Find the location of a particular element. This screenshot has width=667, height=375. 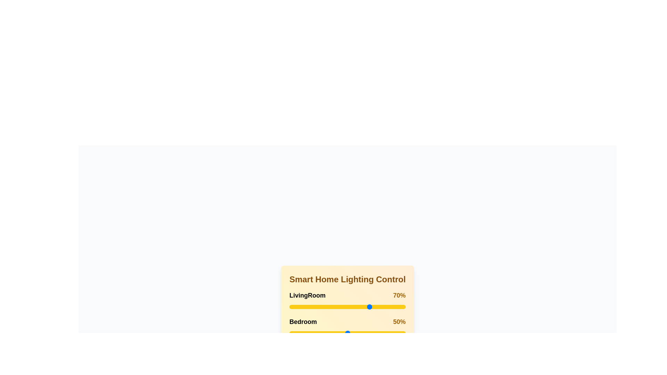

the Living Room lighting level is located at coordinates (359, 306).